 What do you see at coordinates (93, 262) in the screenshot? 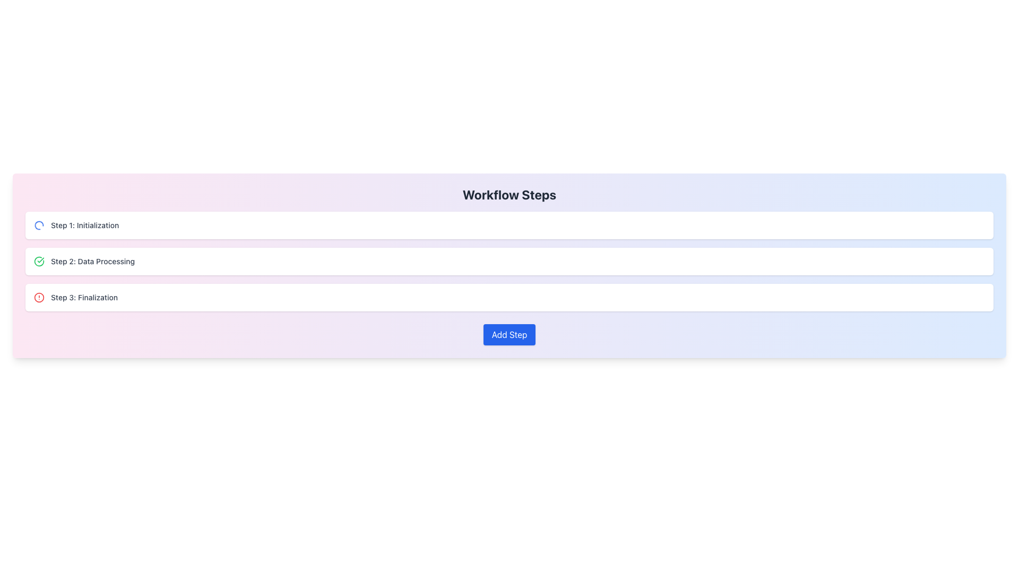
I see `text label displaying 'Step 2: Data Processing', which is the second item in the workflow steps list, located in the middle section of the page` at bounding box center [93, 262].